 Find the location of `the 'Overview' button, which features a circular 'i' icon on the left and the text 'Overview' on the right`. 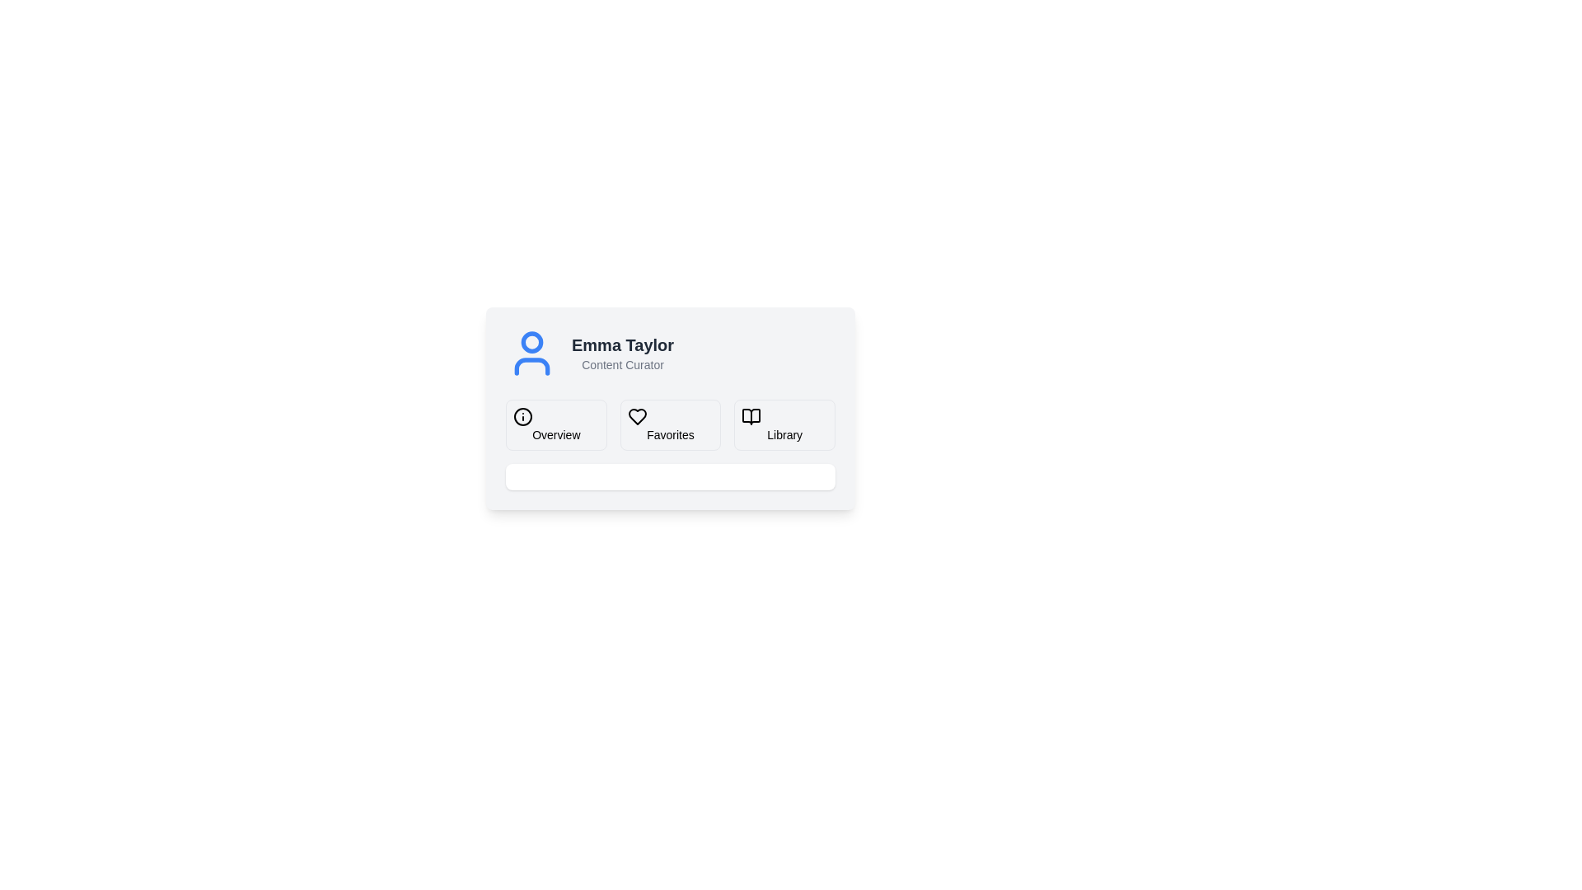

the 'Overview' button, which features a circular 'i' icon on the left and the text 'Overview' on the right is located at coordinates (556, 424).